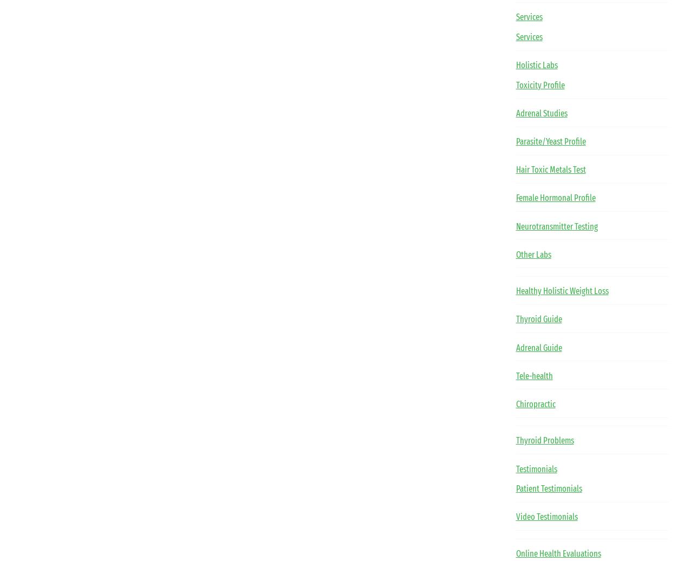  Describe the element at coordinates (538, 347) in the screenshot. I see `'Adrenal Guide'` at that location.